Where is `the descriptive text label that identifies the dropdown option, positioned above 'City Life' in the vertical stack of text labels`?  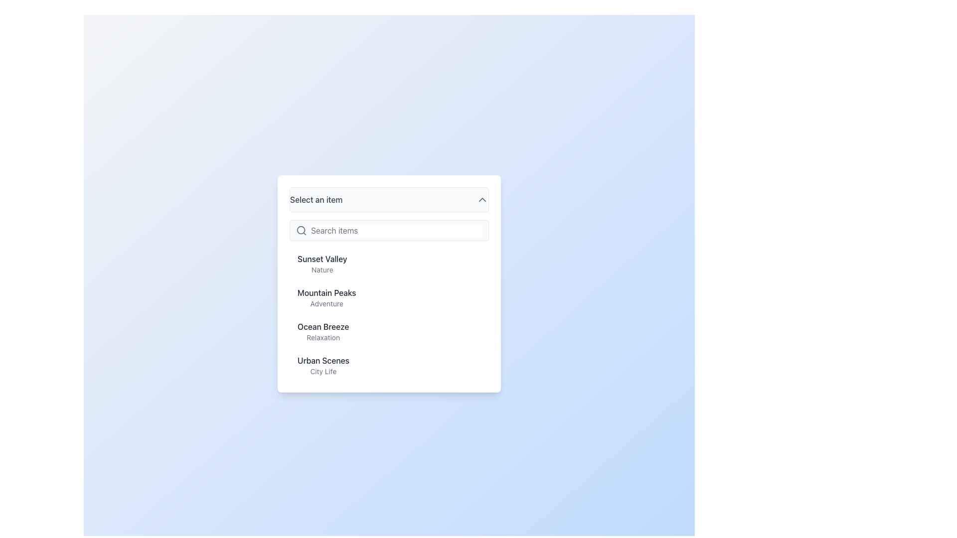
the descriptive text label that identifies the dropdown option, positioned above 'City Life' in the vertical stack of text labels is located at coordinates (323, 361).